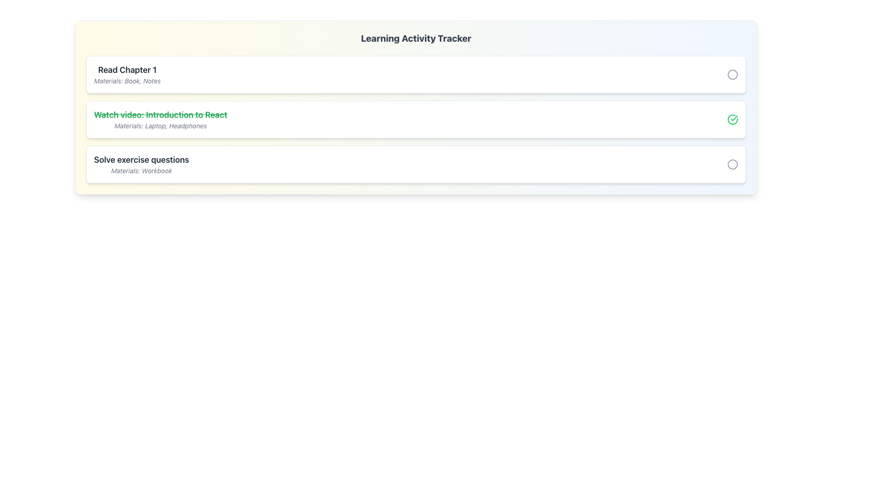  What do you see at coordinates (161, 119) in the screenshot?
I see `the interactive portions of the Text Block that describes the task 'Watch video: Introduction to React' in the Learning Activity Tracker section` at bounding box center [161, 119].